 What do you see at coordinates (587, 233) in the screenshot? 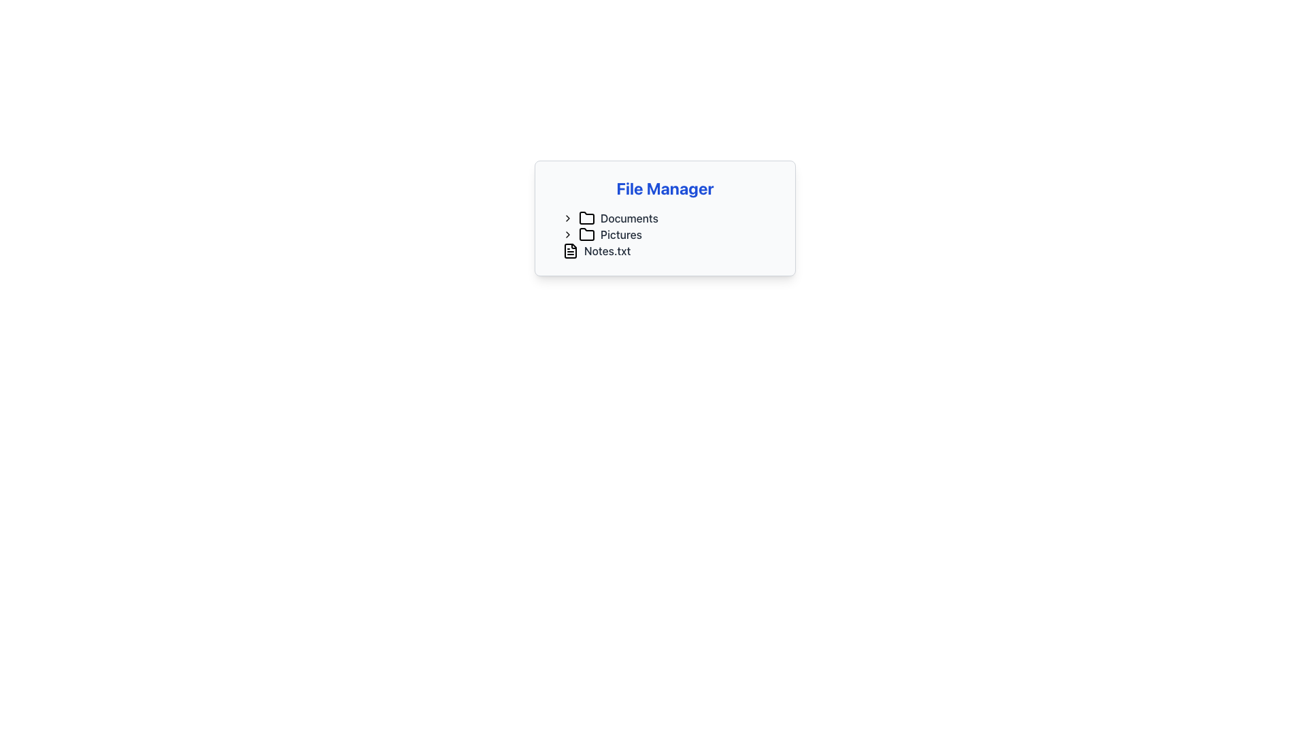
I see `the folder icon located in the second row of icons in the file management system, positioned` at bounding box center [587, 233].